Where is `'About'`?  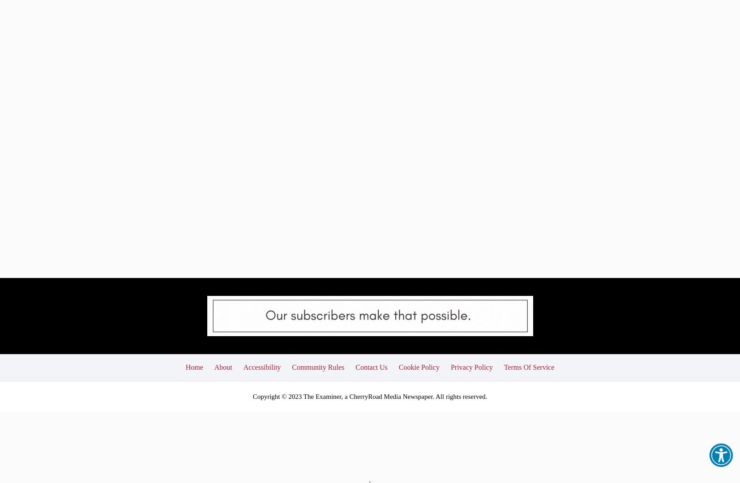 'About' is located at coordinates (214, 304).